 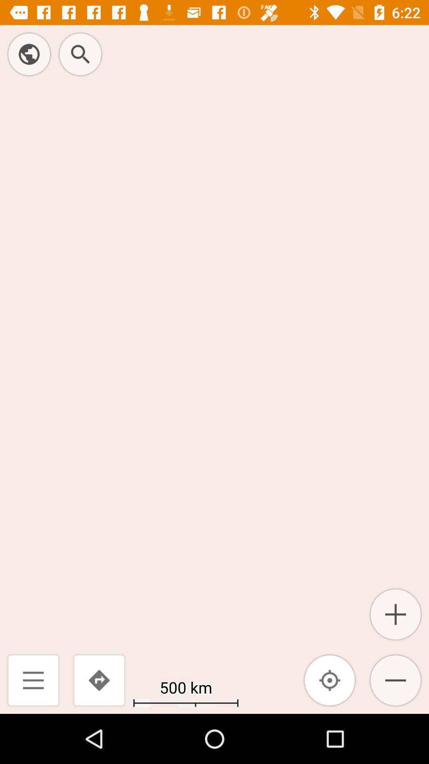 I want to click on the redo icon, so click(x=99, y=680).